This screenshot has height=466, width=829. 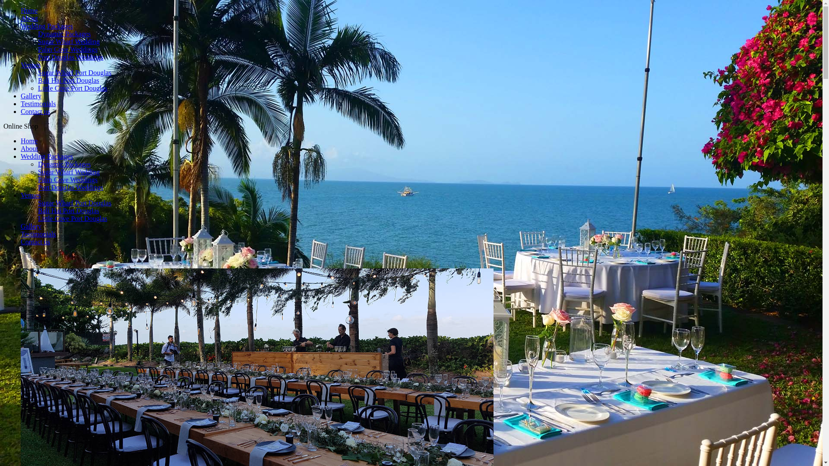 I want to click on 'Dynamic Packages', so click(x=63, y=164).